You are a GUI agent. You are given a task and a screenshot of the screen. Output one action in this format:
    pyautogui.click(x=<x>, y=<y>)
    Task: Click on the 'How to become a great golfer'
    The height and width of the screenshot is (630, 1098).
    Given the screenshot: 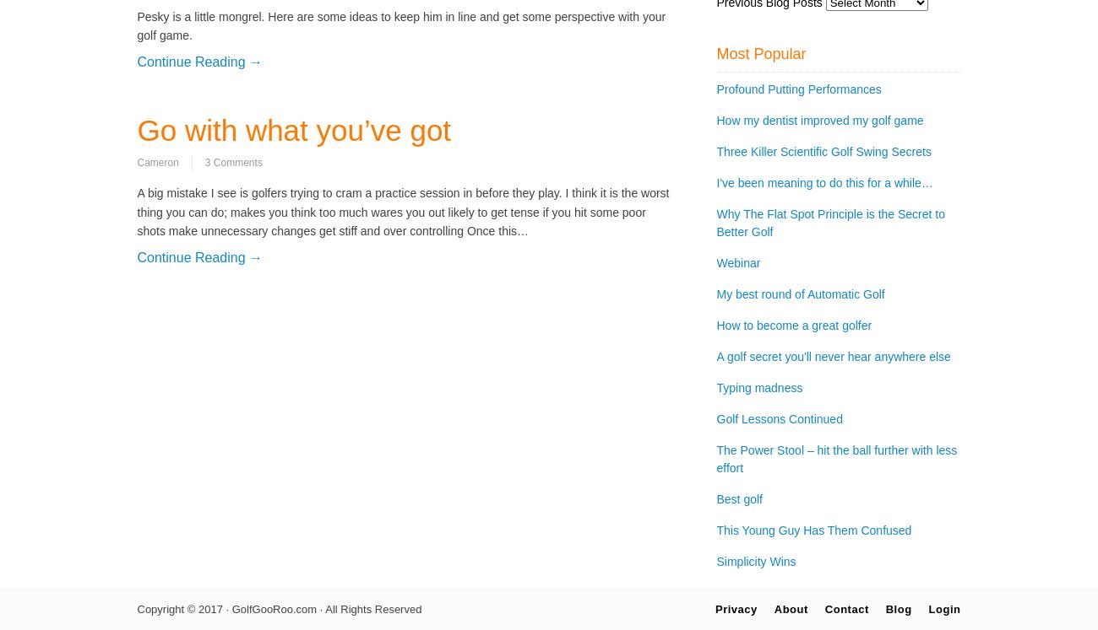 What is the action you would take?
    pyautogui.click(x=794, y=324)
    